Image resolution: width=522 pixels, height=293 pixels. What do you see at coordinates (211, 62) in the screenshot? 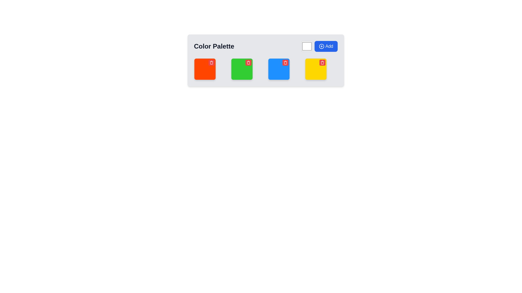
I see `the delete button located in the top-right corner of the first orange square tile` at bounding box center [211, 62].